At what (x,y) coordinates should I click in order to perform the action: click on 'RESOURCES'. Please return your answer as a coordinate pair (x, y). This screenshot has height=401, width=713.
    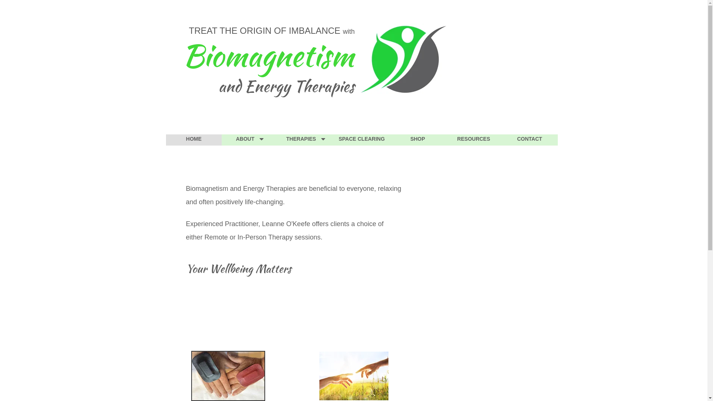
    Looking at the image, I should click on (473, 140).